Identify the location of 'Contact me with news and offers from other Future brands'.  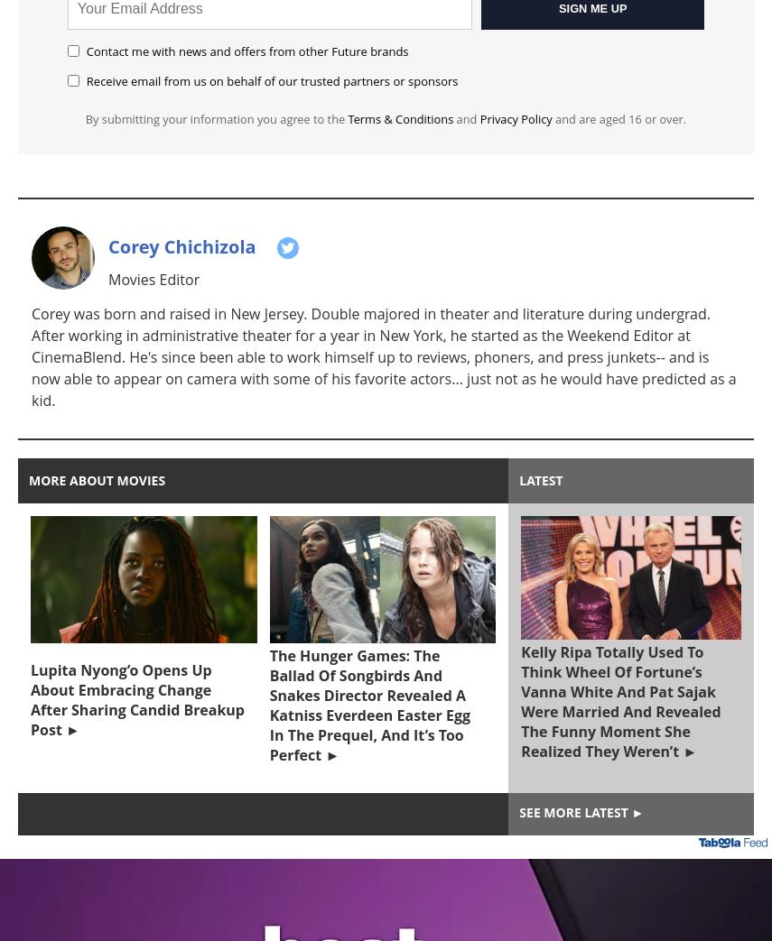
(246, 50).